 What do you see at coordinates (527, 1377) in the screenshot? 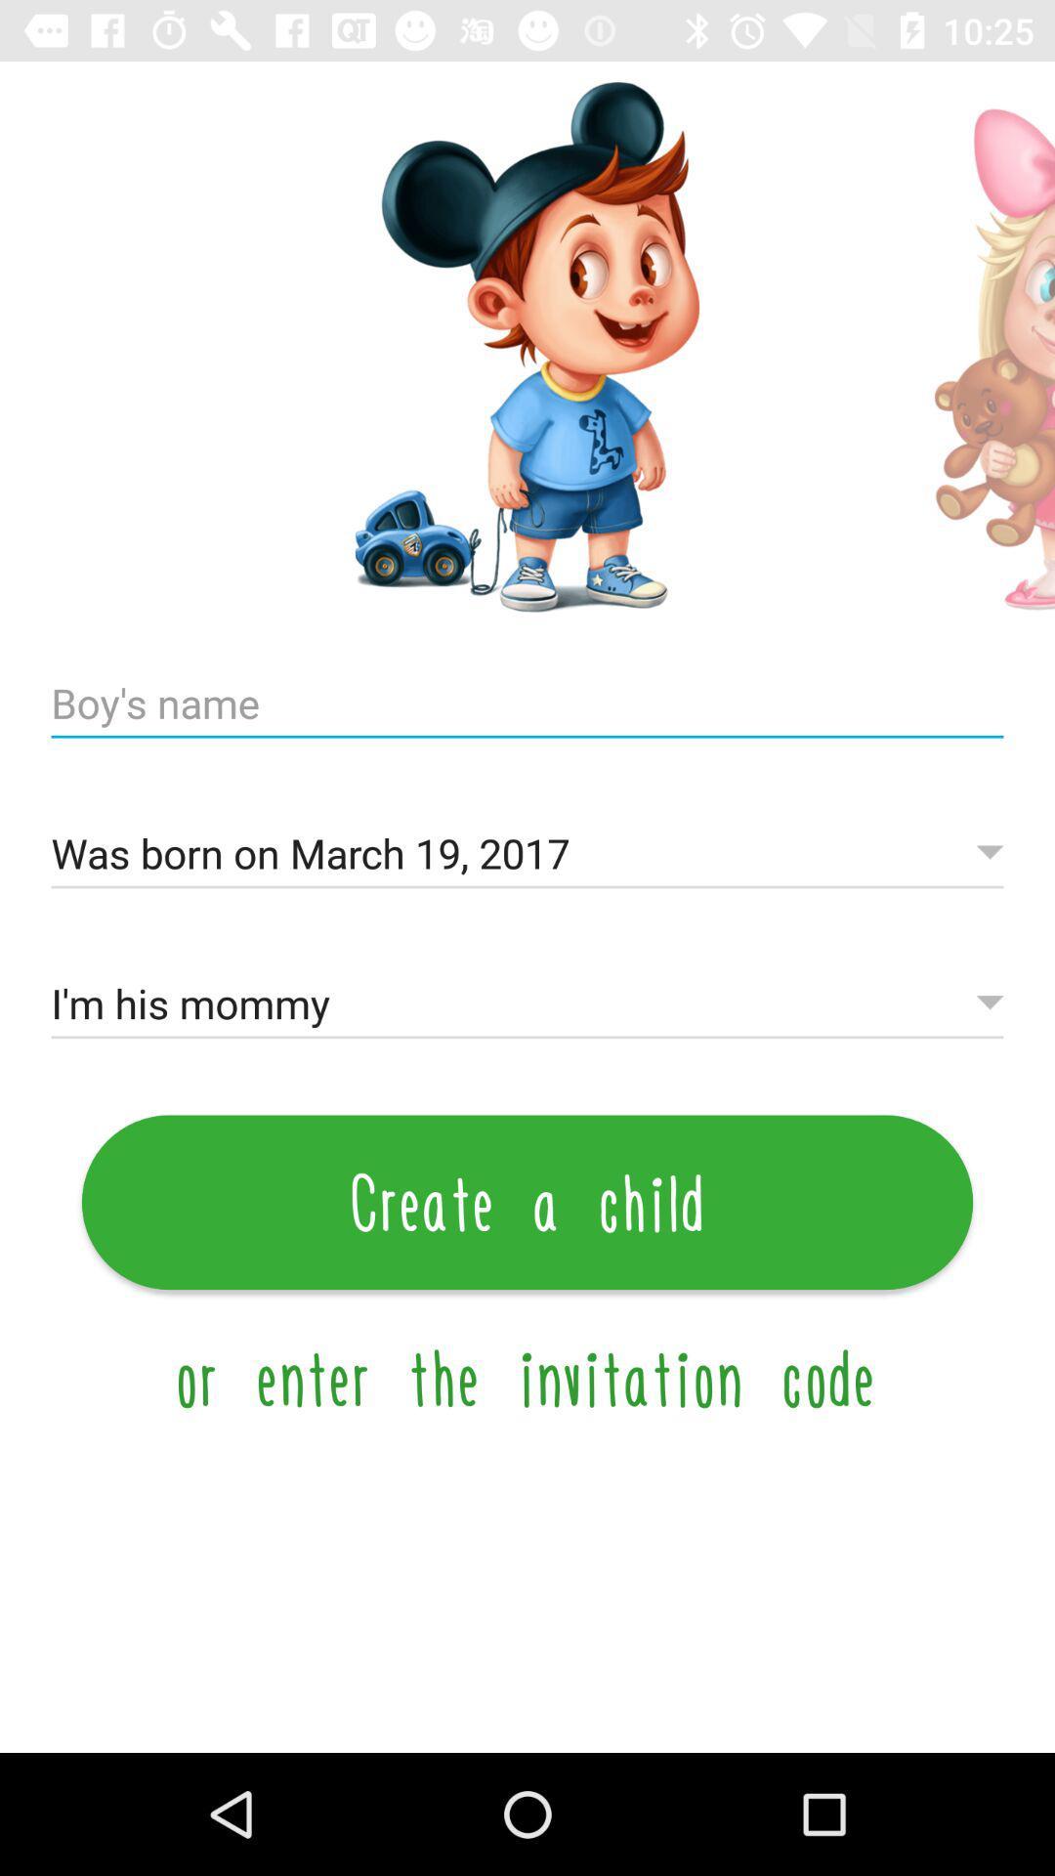
I see `item below create a child icon` at bounding box center [527, 1377].